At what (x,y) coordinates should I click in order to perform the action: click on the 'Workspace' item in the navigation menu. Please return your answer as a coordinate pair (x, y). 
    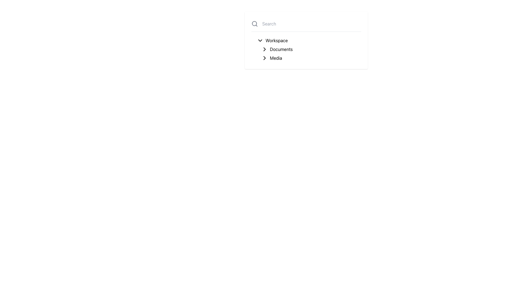
    Looking at the image, I should click on (306, 40).